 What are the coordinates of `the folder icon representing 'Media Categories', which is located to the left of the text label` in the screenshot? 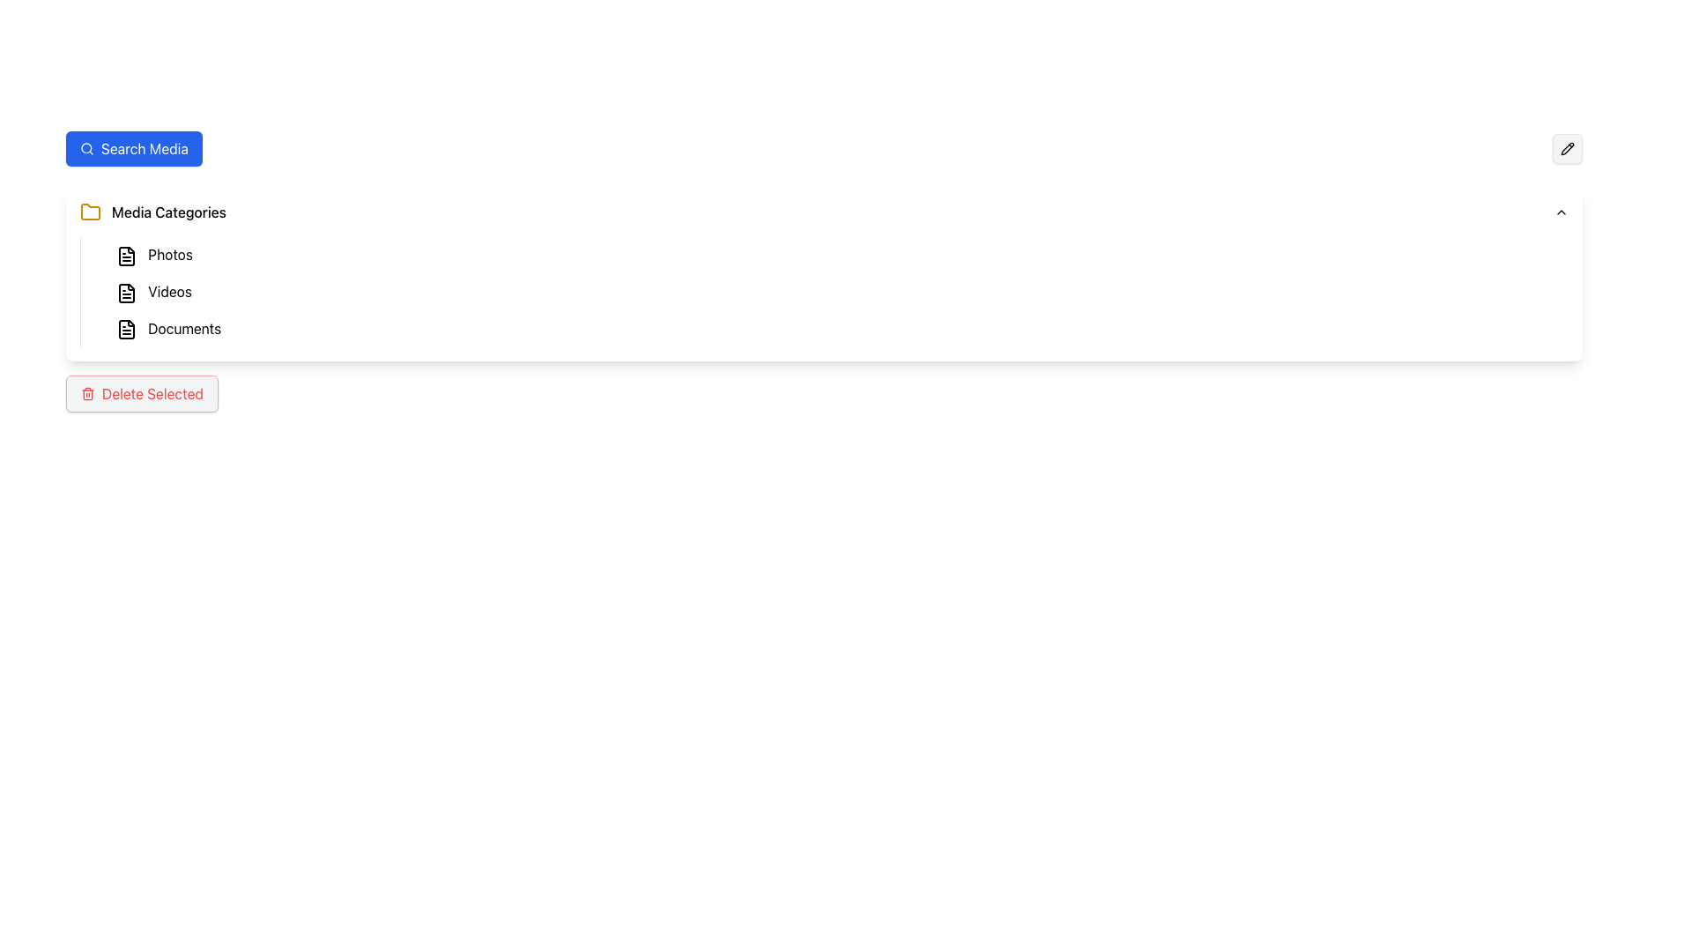 It's located at (89, 211).